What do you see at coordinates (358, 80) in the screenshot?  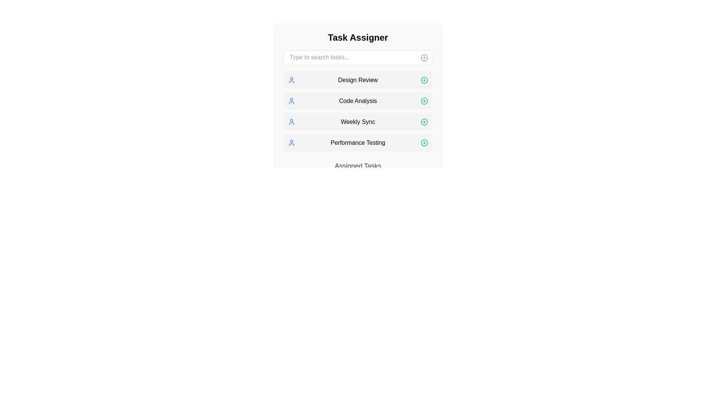 I see `the task entry labeled 'Design Review'` at bounding box center [358, 80].